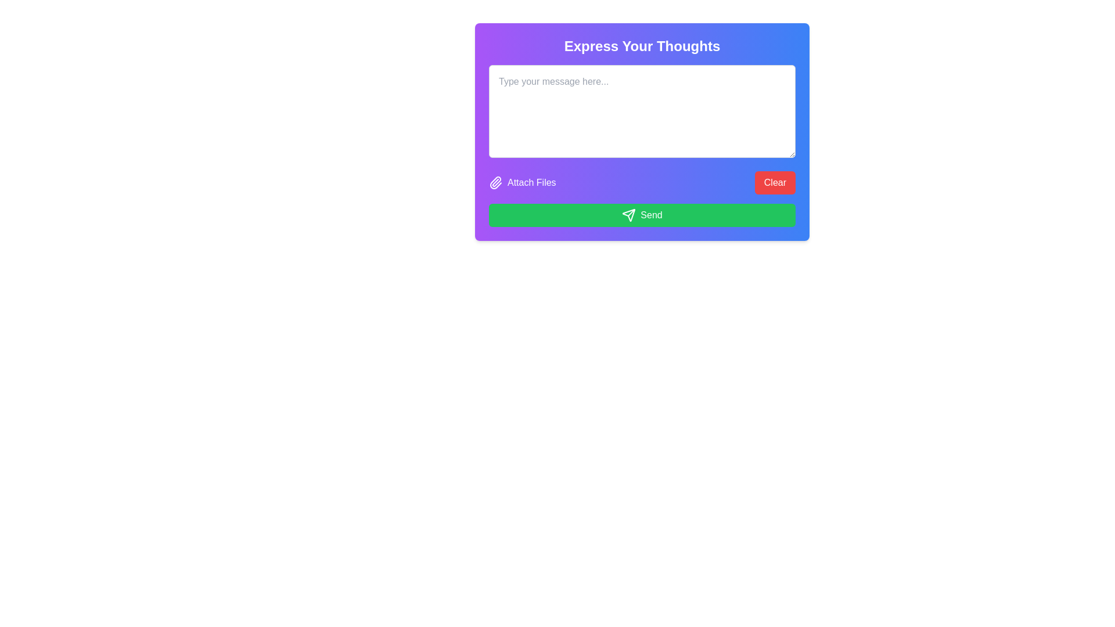  I want to click on the prominent static text element that reads 'Express Your Thoughts', styled with bold, large white font at the top of a colorful gradient box, so click(641, 46).